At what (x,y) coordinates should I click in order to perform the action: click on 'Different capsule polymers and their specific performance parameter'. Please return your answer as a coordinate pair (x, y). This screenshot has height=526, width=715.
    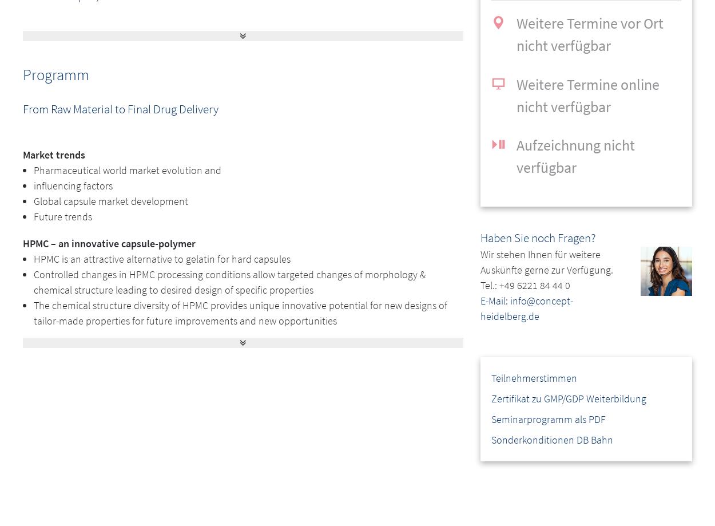
    Looking at the image, I should click on (180, 377).